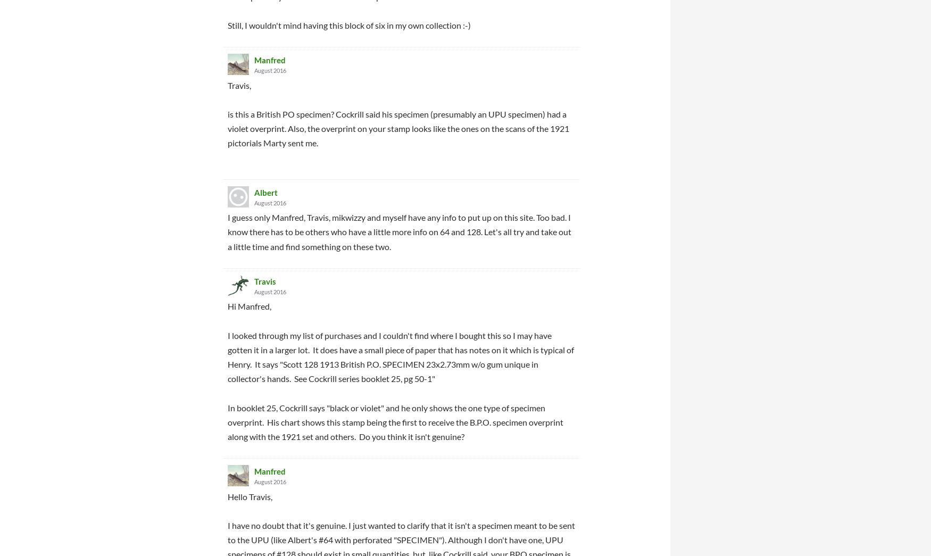 This screenshot has height=556, width=931. What do you see at coordinates (398, 127) in the screenshot?
I see `'is this a British PO specimen? Cockrill said his specimen (presumably an UPU specimen) had a violet overprint. Also, the overprint on your stamp looks like the ones on the scans of the 1921 pictorials Marty sent me.'` at bounding box center [398, 127].